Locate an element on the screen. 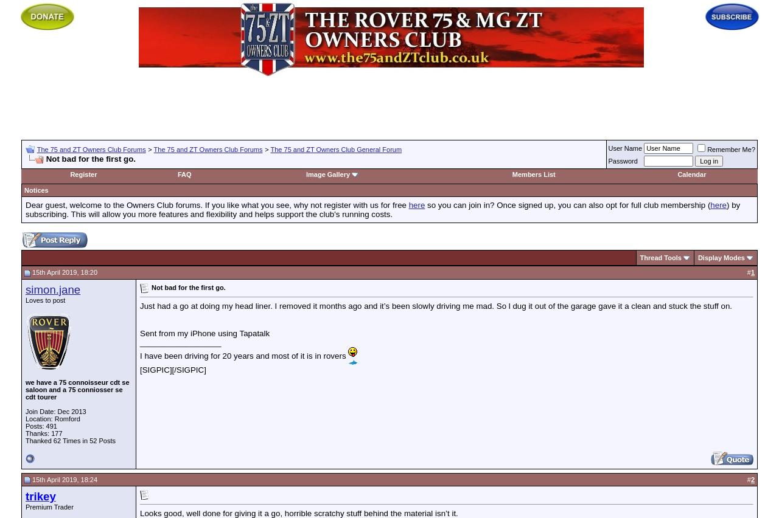 The image size is (779, 518). 'Posts: 491' is located at coordinates (25, 426).